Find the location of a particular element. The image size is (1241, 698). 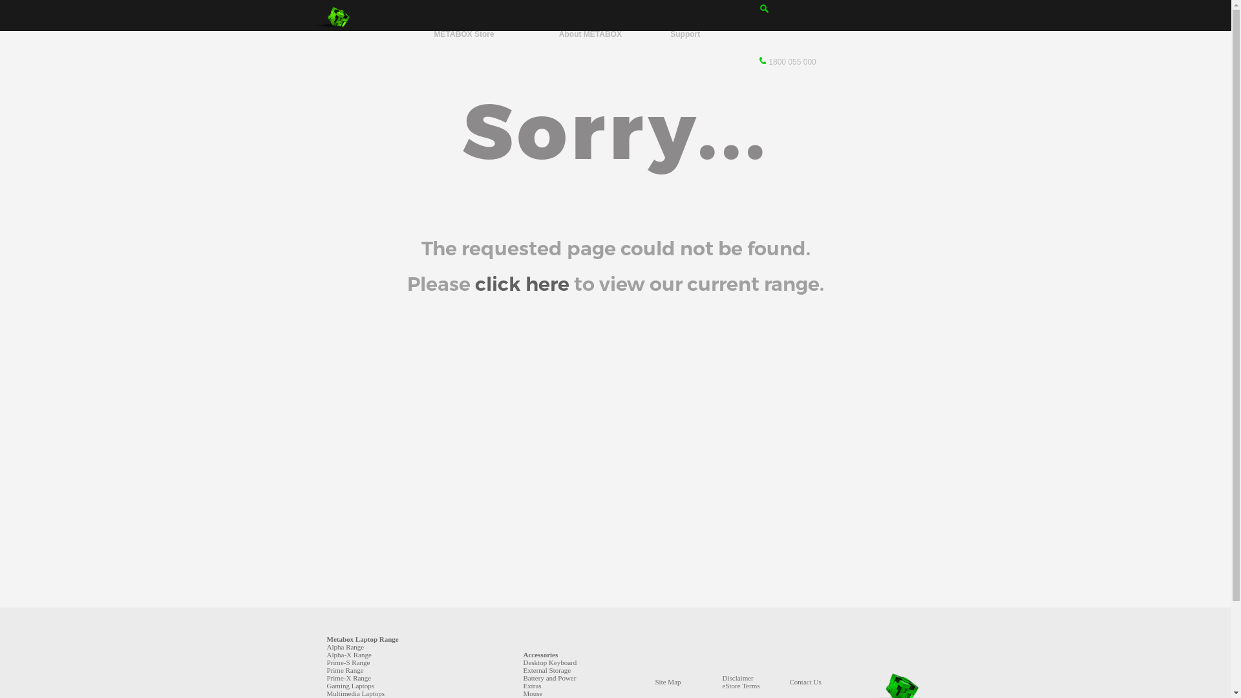

'Battery and Power' is located at coordinates (549, 677).